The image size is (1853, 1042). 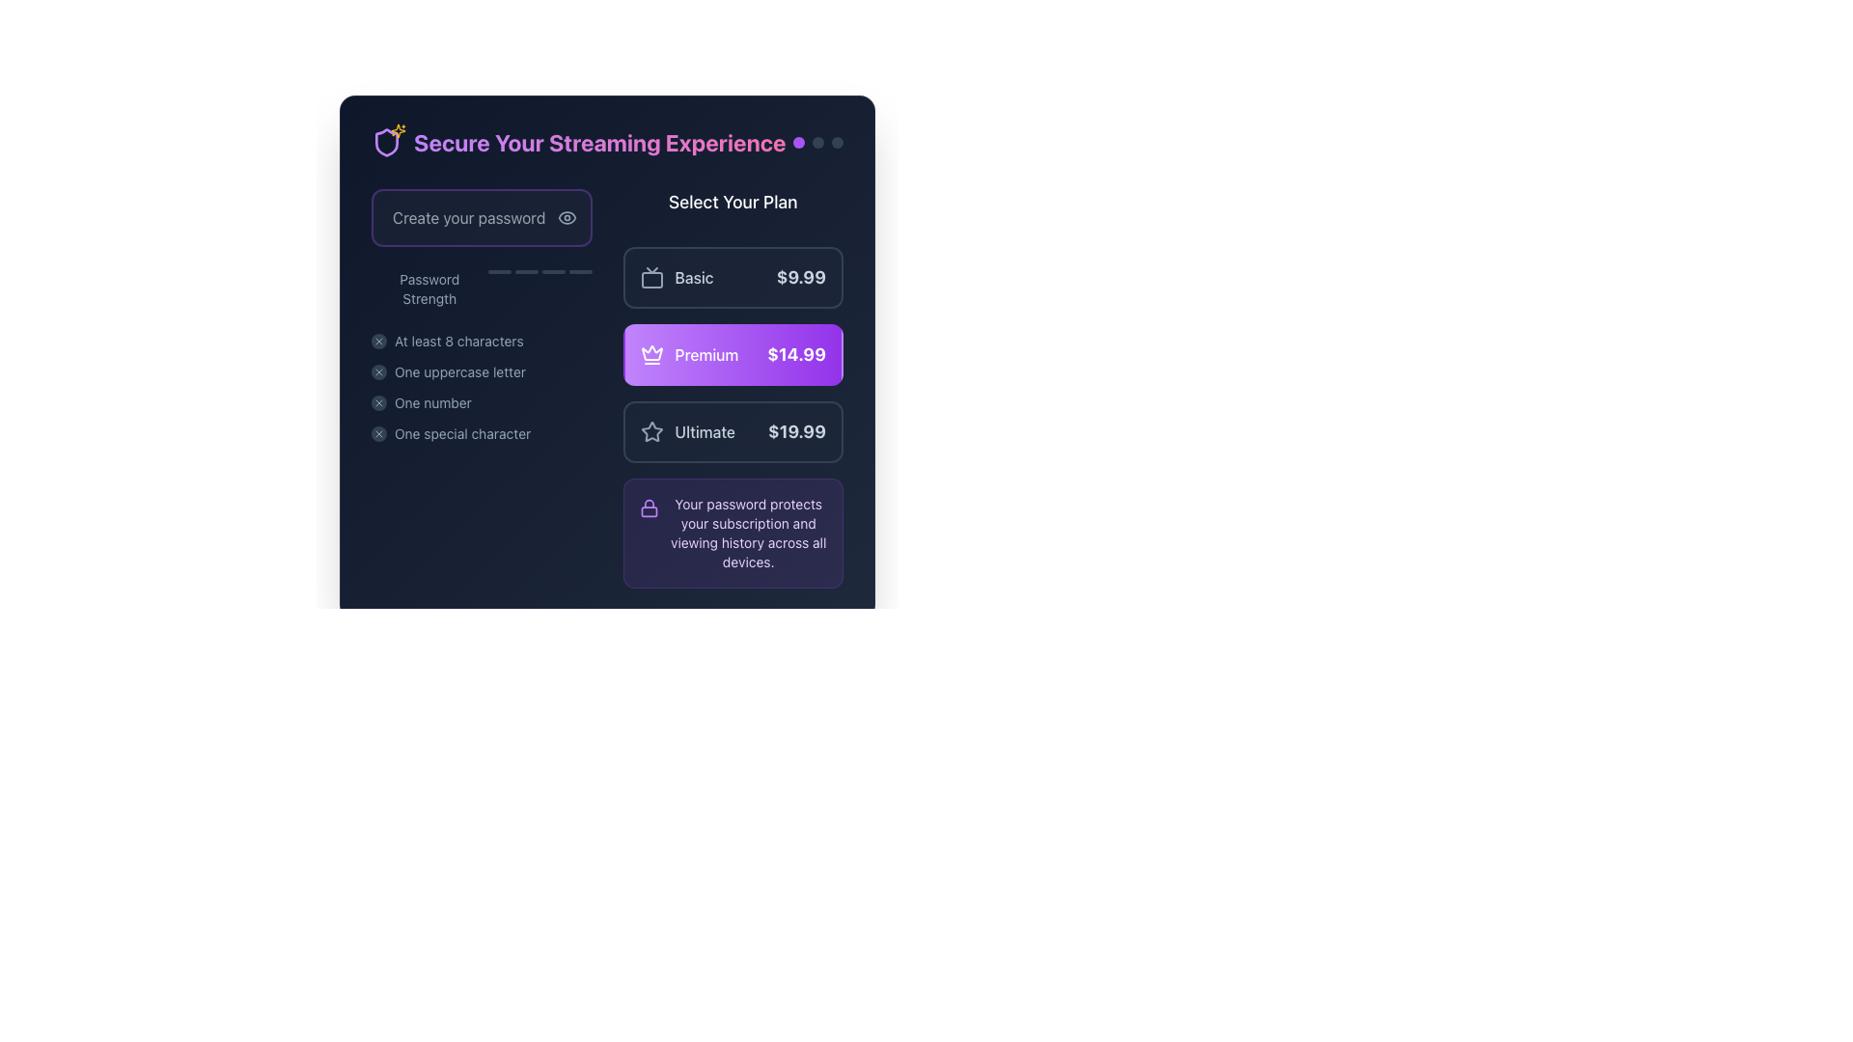 I want to click on the icon button at the right end of the 'Create your password' input field, so click(x=566, y=217).